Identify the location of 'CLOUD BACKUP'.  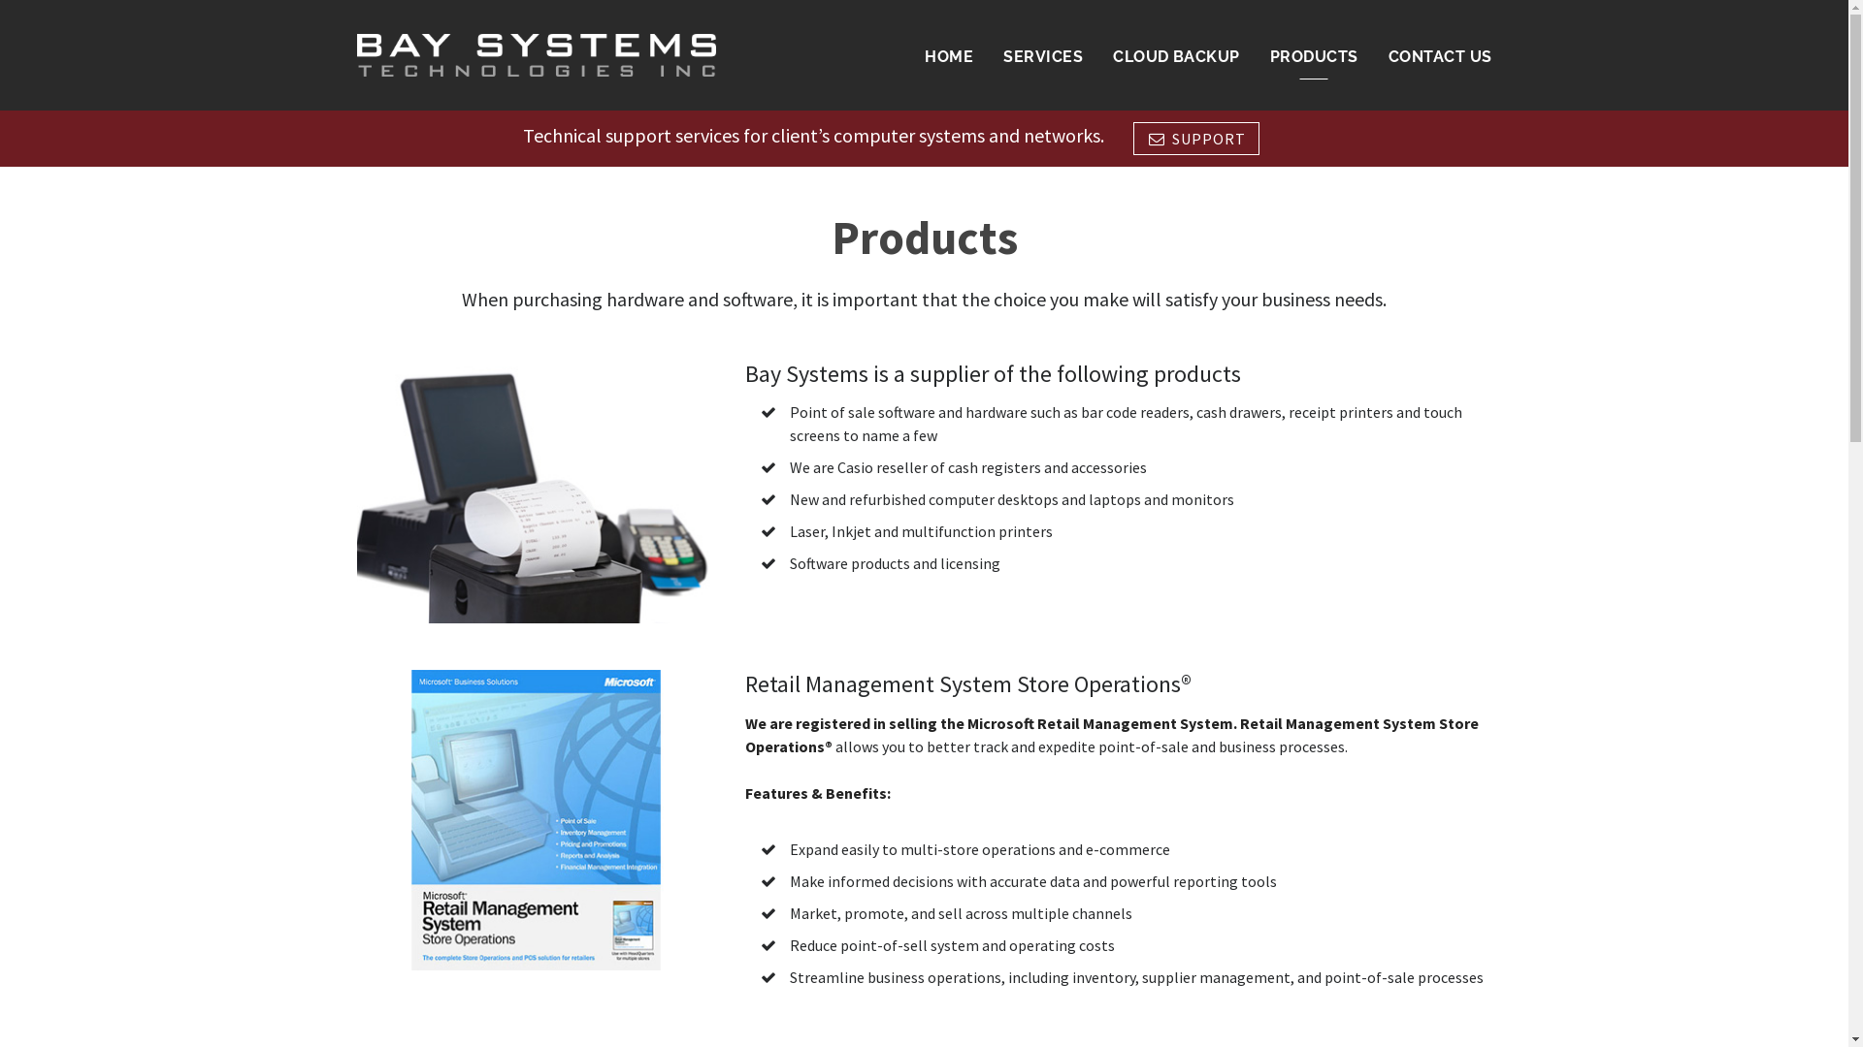
(1175, 55).